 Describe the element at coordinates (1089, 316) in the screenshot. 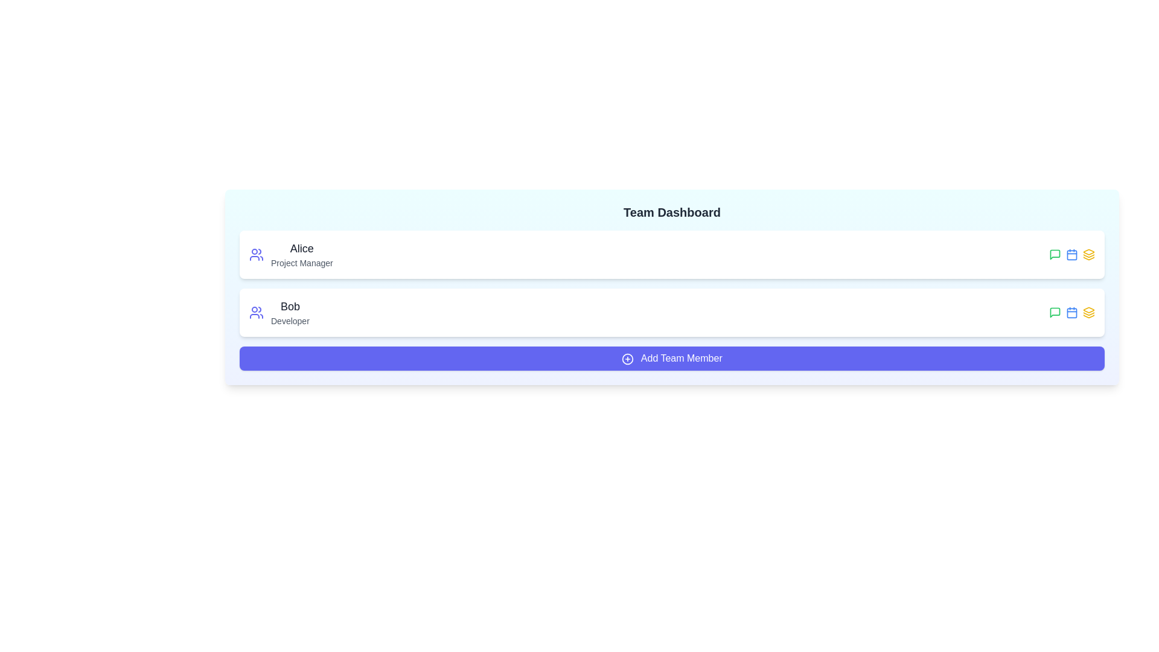

I see `the third triangular yellow icon located to the right of the 'Bob Developer' row` at that location.